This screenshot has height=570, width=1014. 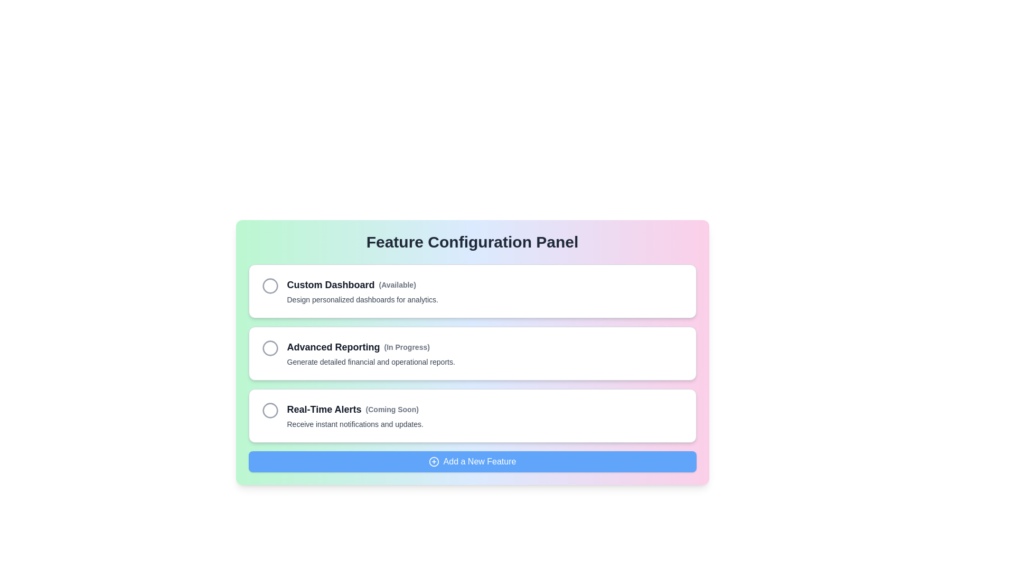 I want to click on the SVG icon representing a circle with a plus inside, so click(x=434, y=461).